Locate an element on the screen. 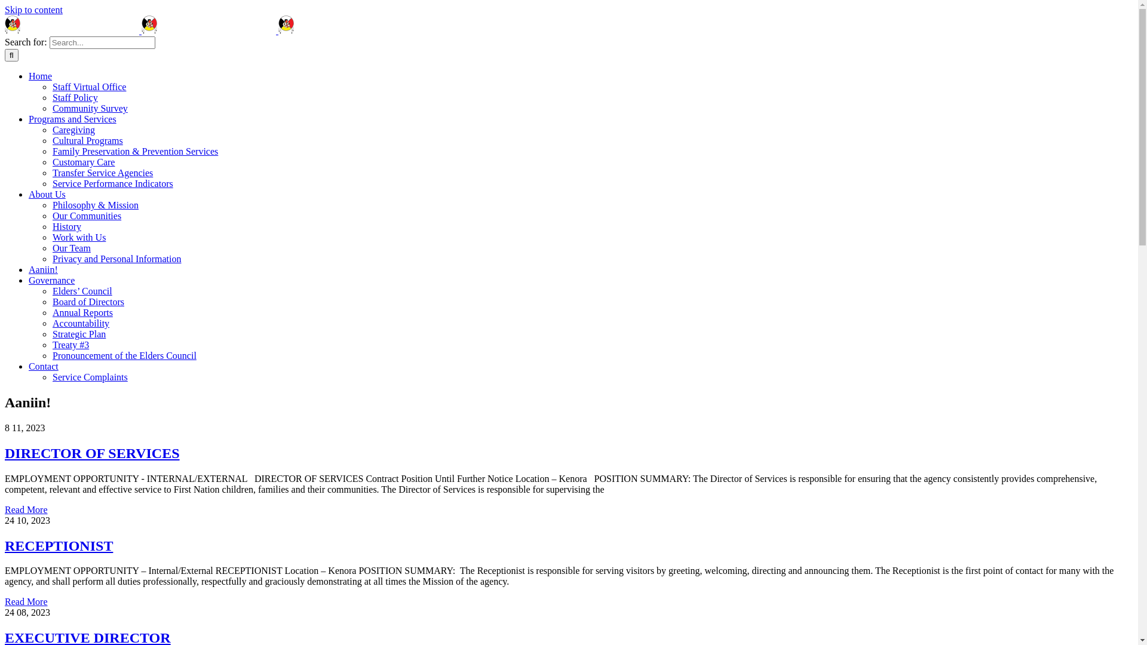 The height and width of the screenshot is (645, 1147). 'Read More' is located at coordinates (26, 601).